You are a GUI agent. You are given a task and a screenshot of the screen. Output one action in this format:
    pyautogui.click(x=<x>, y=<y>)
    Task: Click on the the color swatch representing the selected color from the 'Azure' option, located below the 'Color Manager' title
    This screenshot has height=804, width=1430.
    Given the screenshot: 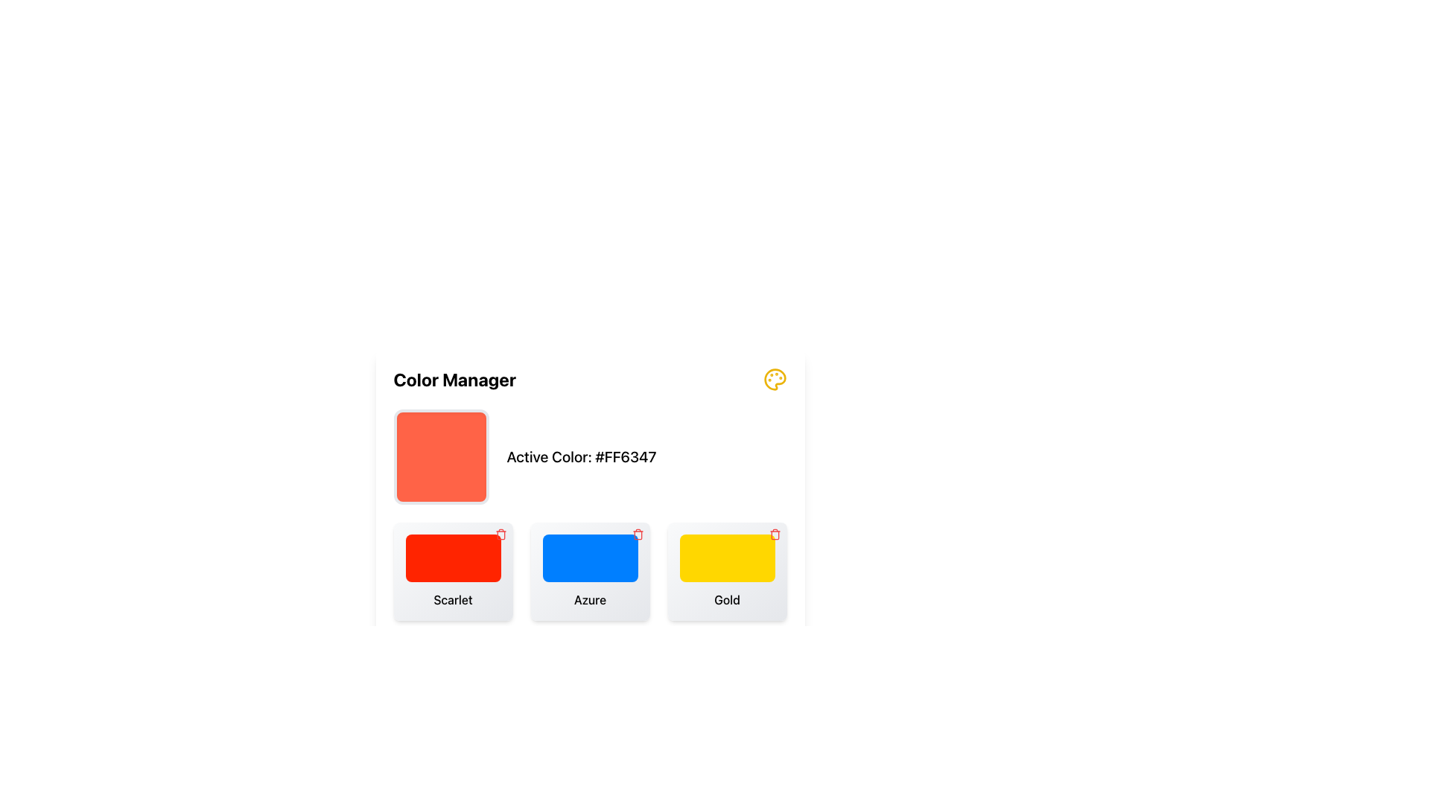 What is the action you would take?
    pyautogui.click(x=589, y=558)
    